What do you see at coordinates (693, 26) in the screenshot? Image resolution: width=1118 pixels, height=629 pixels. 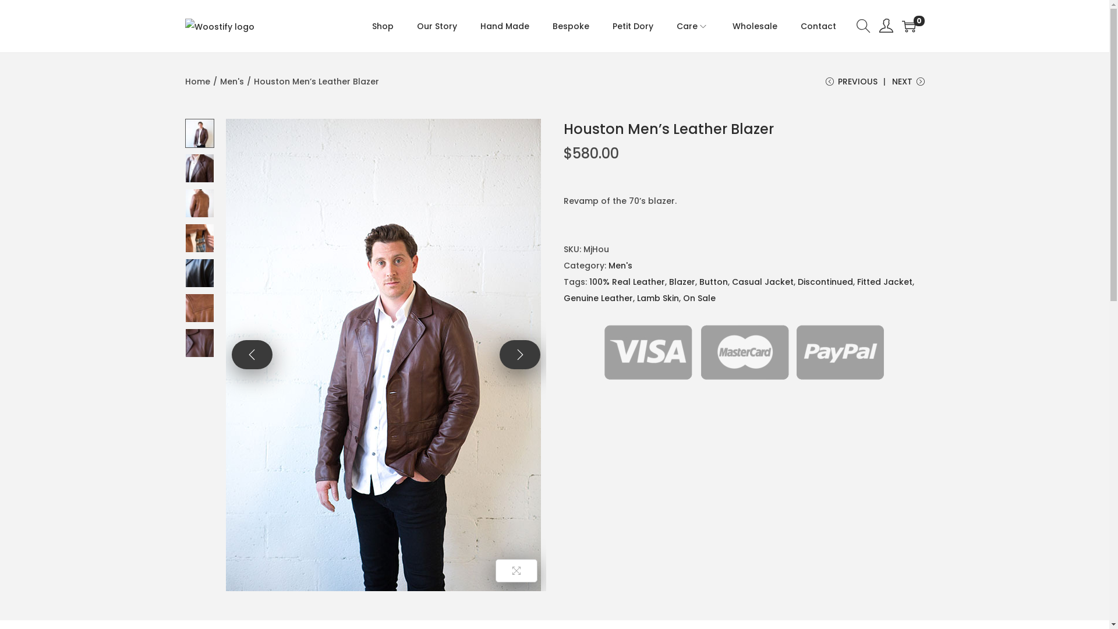 I see `'Care'` at bounding box center [693, 26].